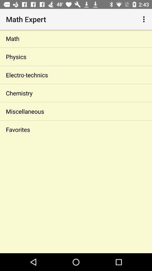 The height and width of the screenshot is (271, 152). What do you see at coordinates (76, 57) in the screenshot?
I see `the physics` at bounding box center [76, 57].